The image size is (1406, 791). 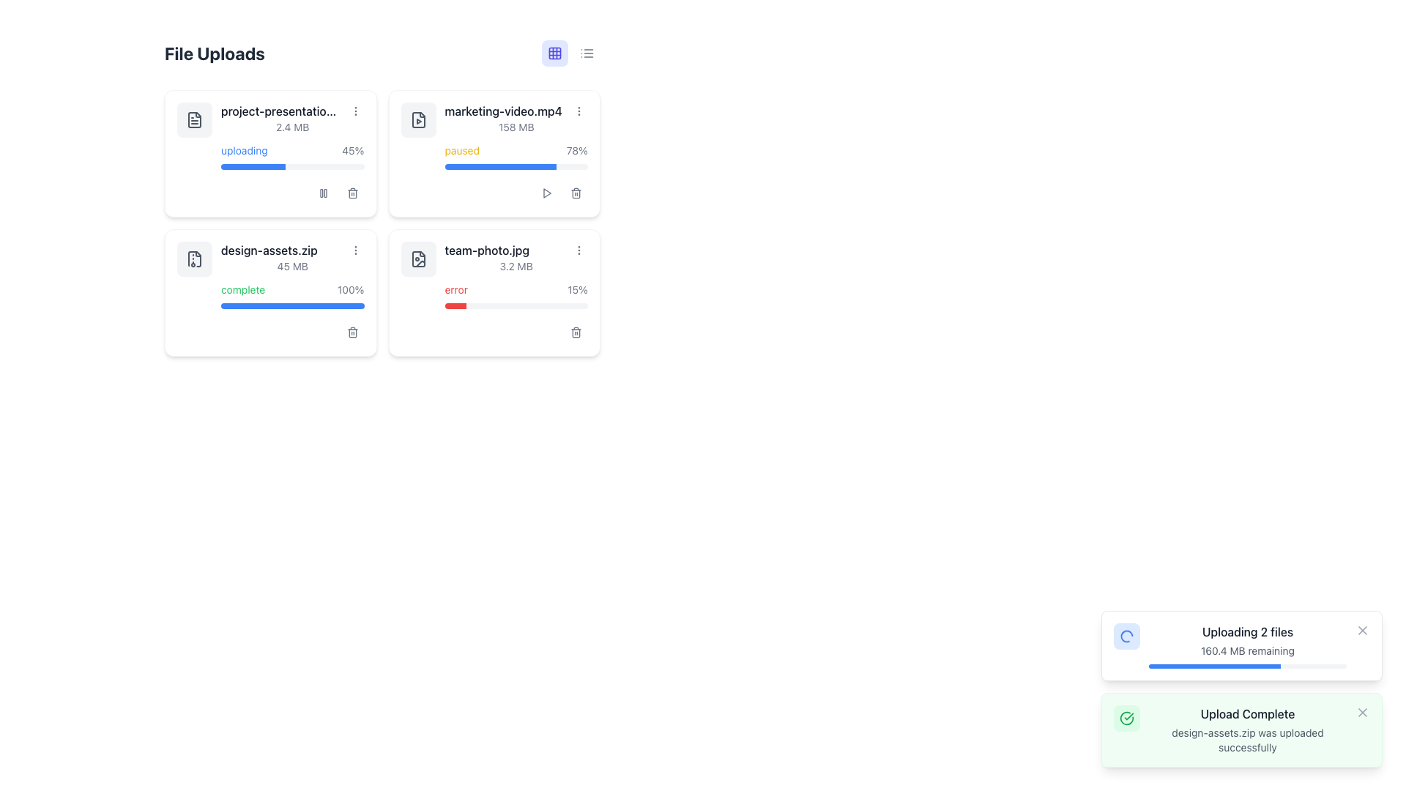 What do you see at coordinates (516, 166) in the screenshot?
I see `the progress bar, which is a horizontal bar styled with a rounded background and a blue progress indicator, located in the 'marketing-video.mp4' panel as the second row item in the top-right section of a grid layout` at bounding box center [516, 166].